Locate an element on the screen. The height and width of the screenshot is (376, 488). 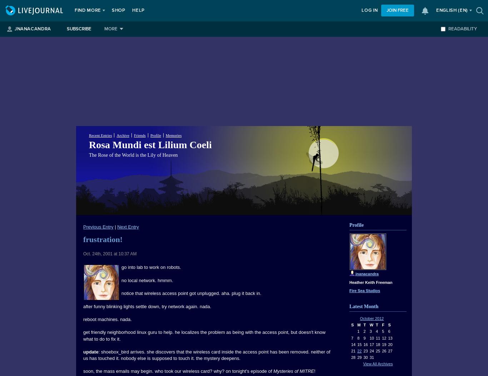
'23' is located at coordinates (365, 351).